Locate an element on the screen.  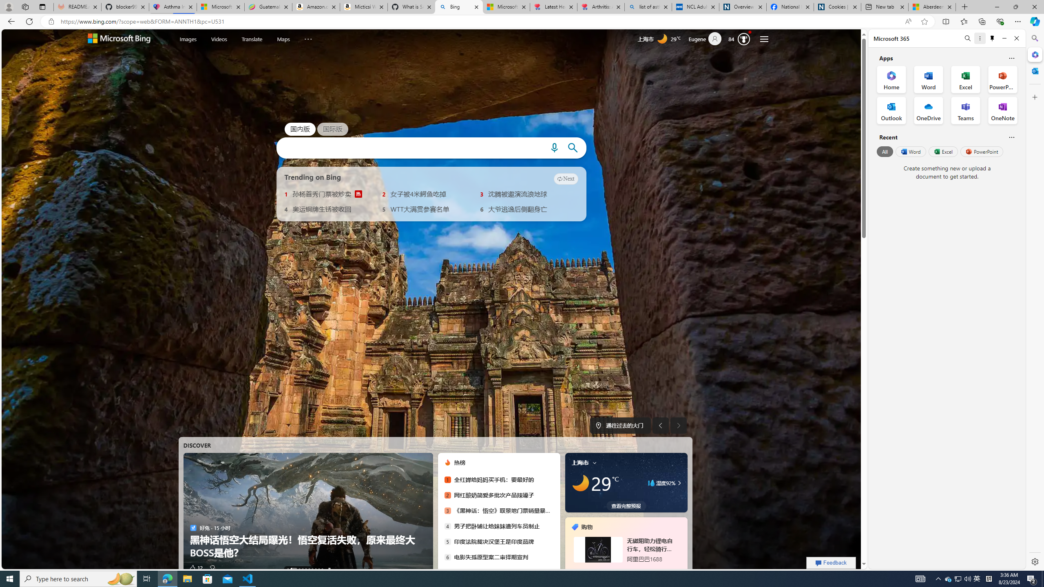
'tab-2' is located at coordinates (625, 569).